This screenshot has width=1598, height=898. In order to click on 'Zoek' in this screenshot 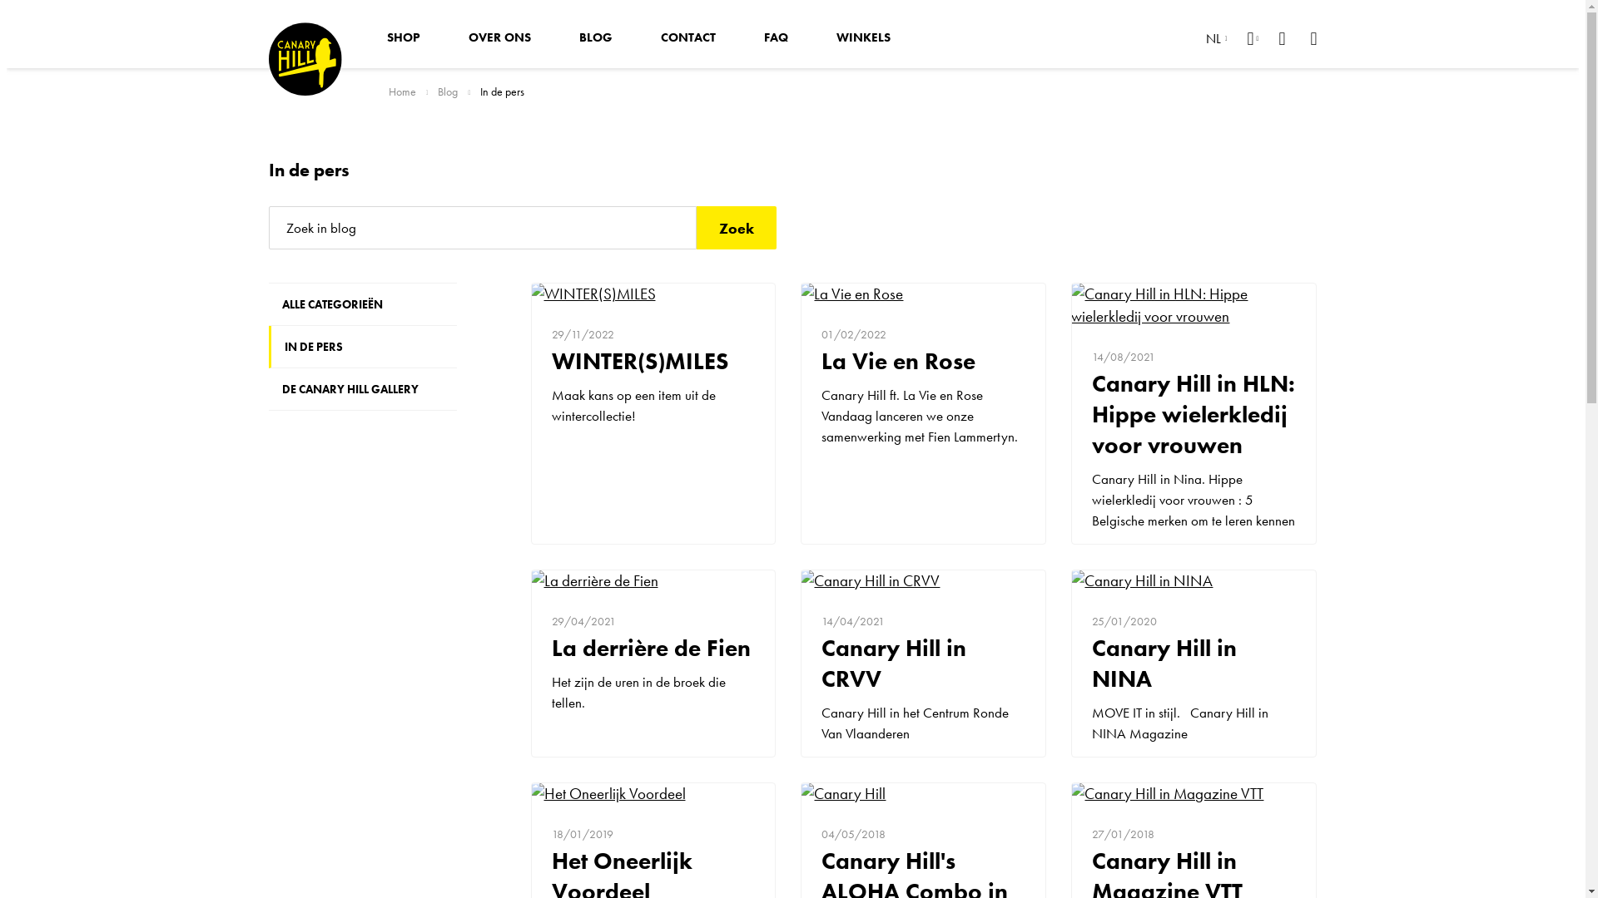, I will do `click(734, 227)`.